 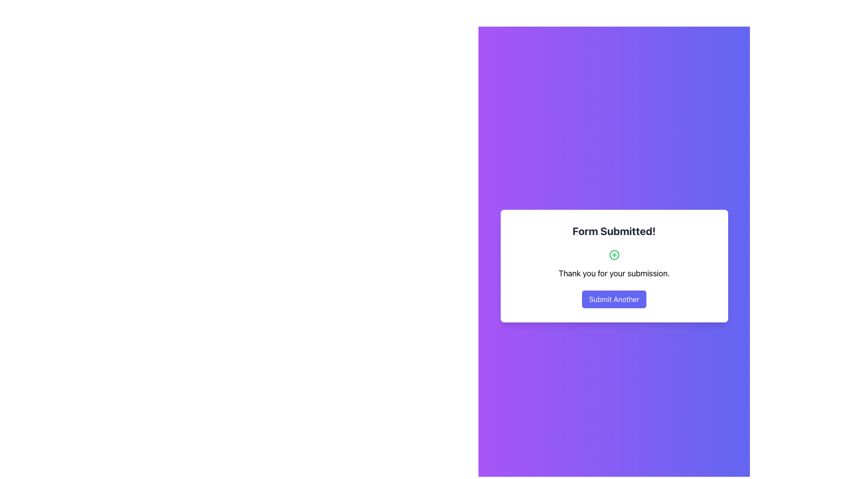 What do you see at coordinates (614, 255) in the screenshot?
I see `the circular icon with a plus sign in the center, which has a green outline, located in the modal dialog confirming submission` at bounding box center [614, 255].